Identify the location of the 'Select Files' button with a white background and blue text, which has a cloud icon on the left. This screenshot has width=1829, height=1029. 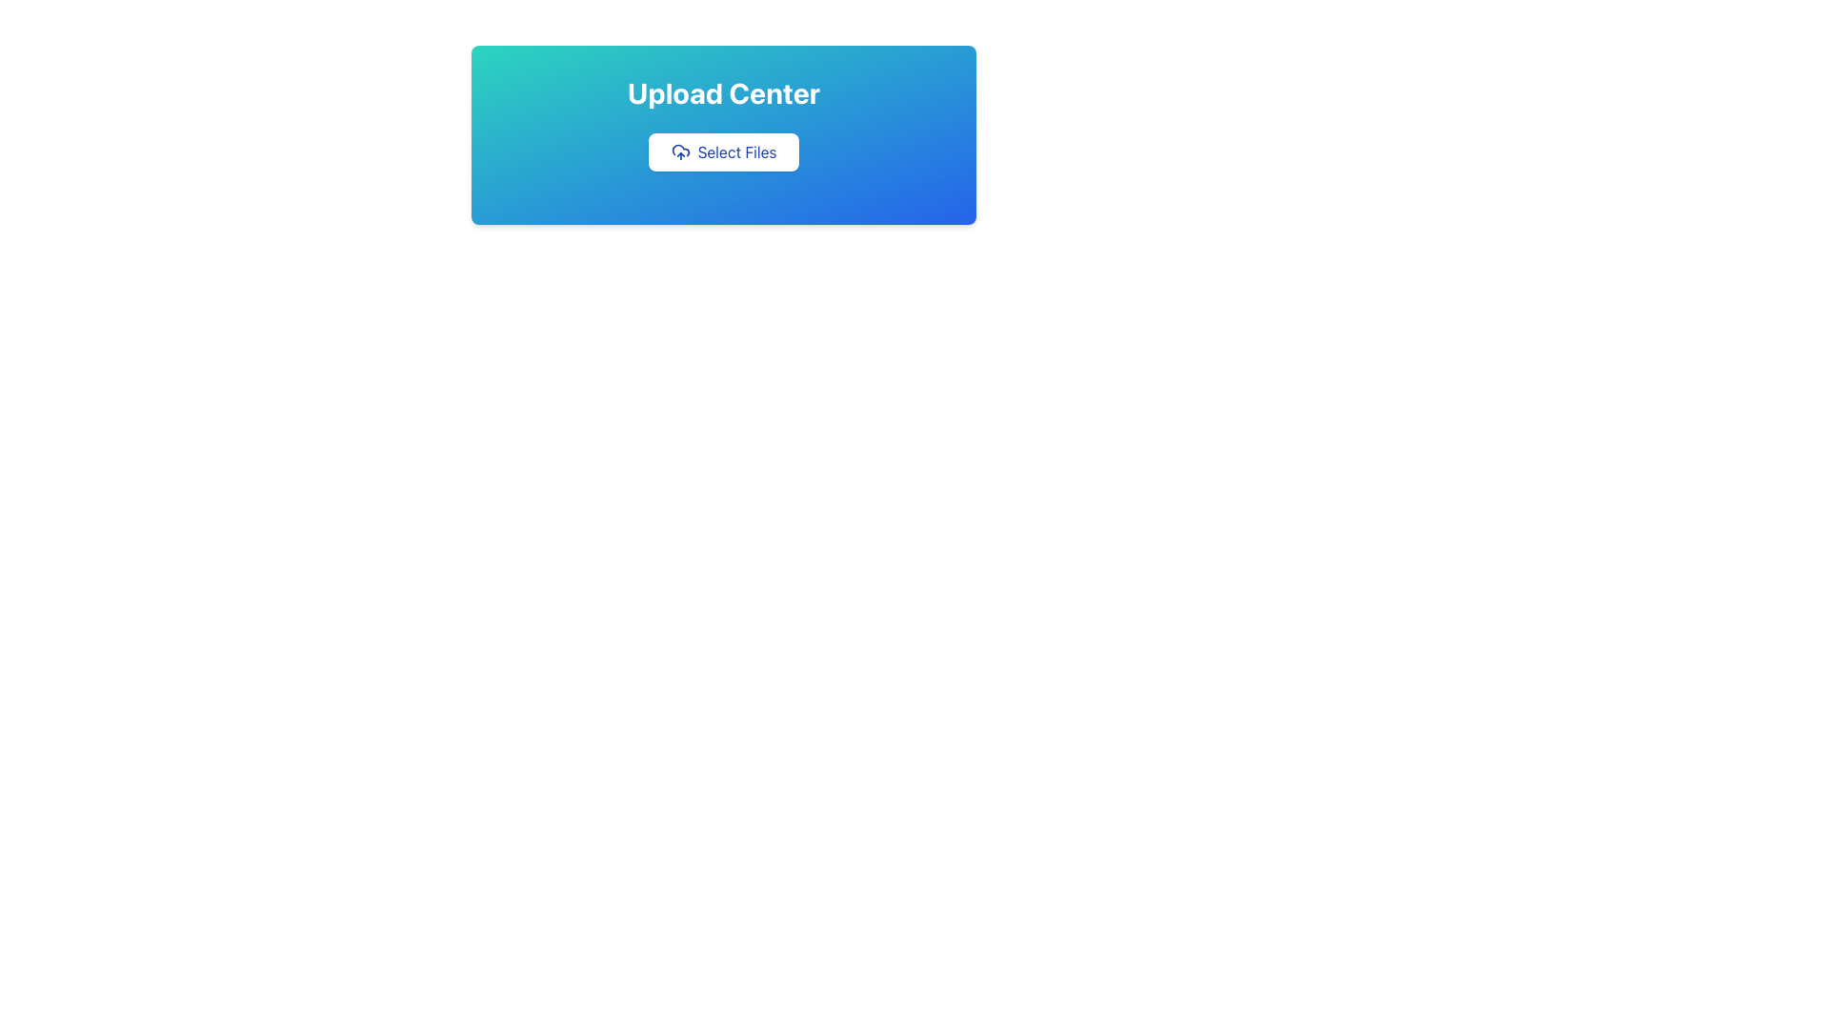
(722, 151).